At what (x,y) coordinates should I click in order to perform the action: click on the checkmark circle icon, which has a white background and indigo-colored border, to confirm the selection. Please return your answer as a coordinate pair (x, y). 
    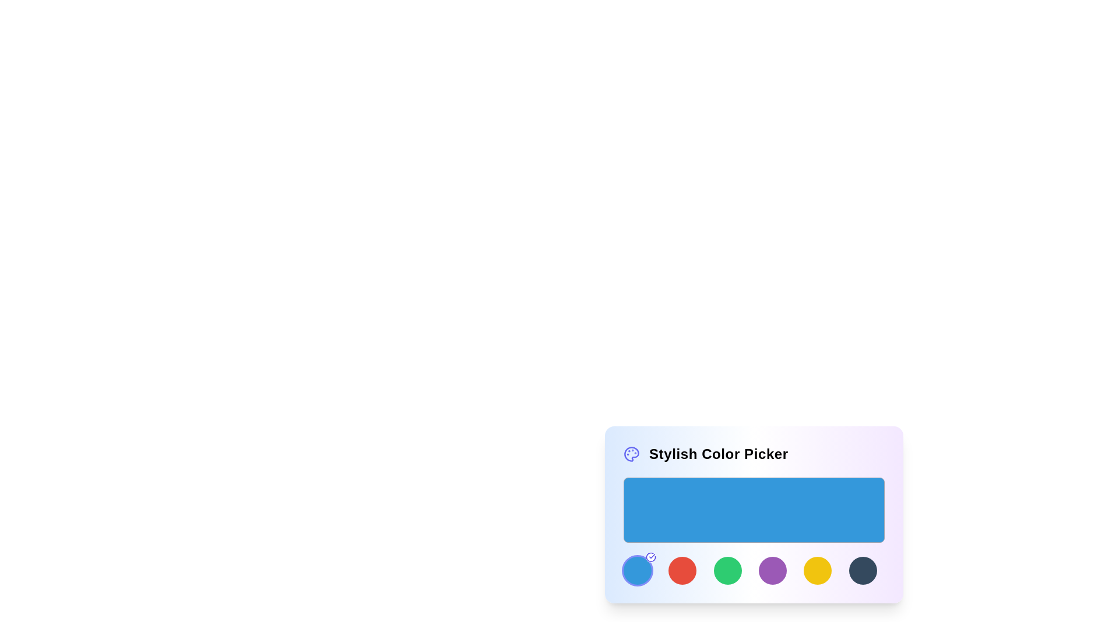
    Looking at the image, I should click on (650, 556).